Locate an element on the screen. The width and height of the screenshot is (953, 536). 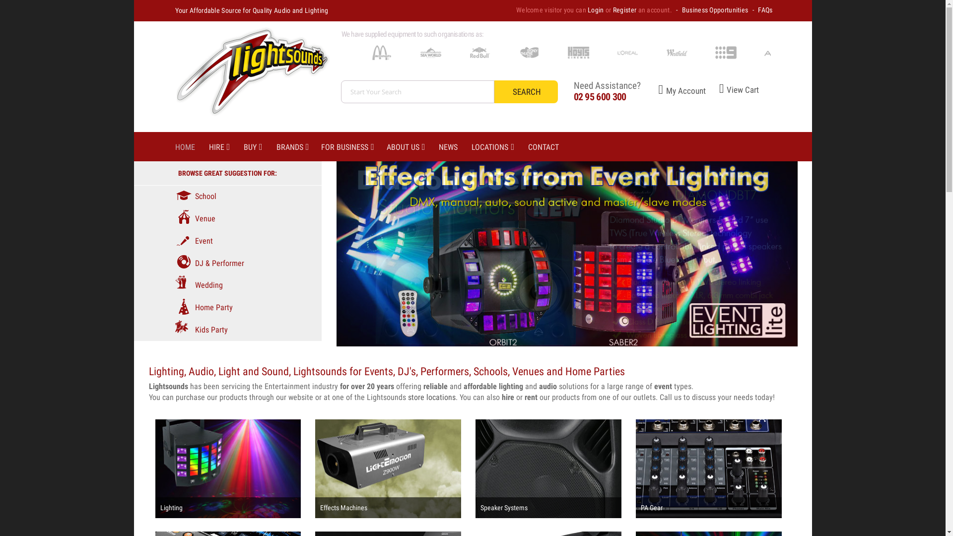
'Login' is located at coordinates (596, 9).